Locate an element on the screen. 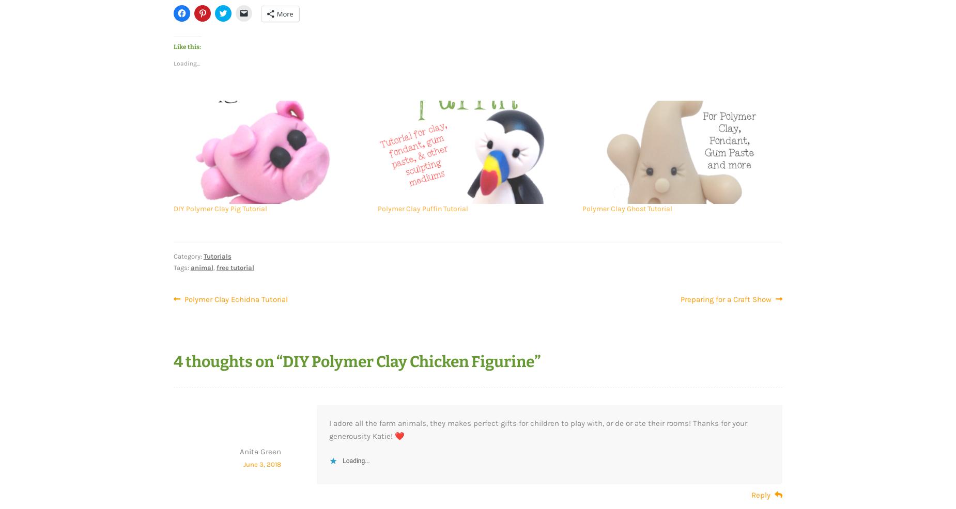 This screenshot has width=956, height=509. 'Tags:' is located at coordinates (181, 266).